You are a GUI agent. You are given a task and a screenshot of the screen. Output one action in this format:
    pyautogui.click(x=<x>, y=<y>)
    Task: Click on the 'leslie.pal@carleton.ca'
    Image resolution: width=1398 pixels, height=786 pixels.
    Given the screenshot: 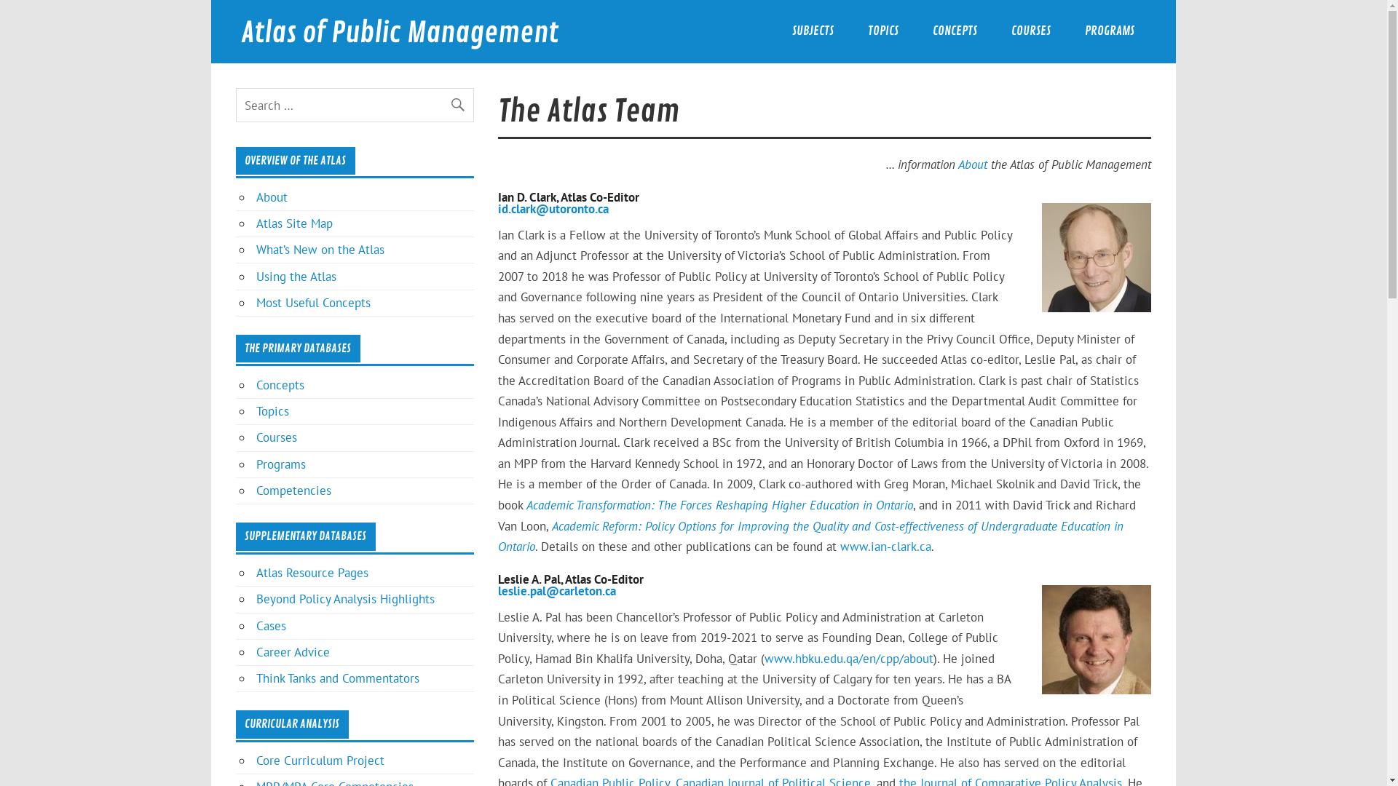 What is the action you would take?
    pyautogui.click(x=498, y=591)
    